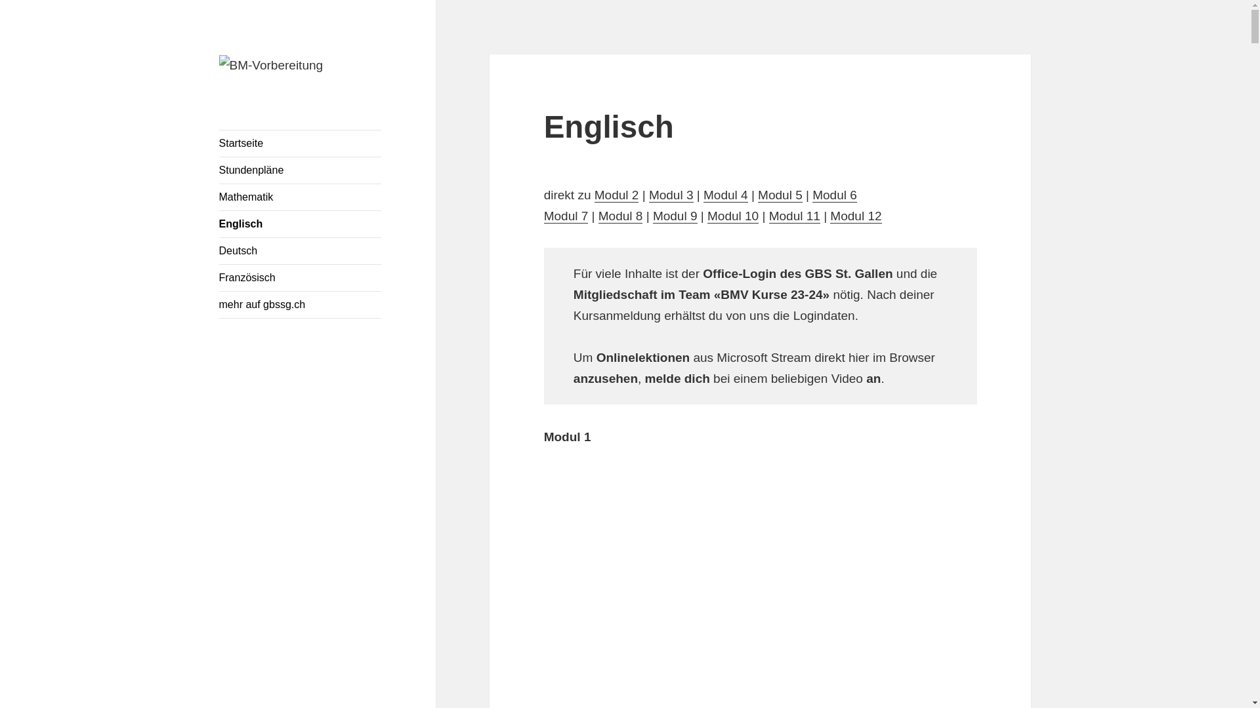 This screenshot has height=708, width=1260. What do you see at coordinates (619, 216) in the screenshot?
I see `'Modul 8'` at bounding box center [619, 216].